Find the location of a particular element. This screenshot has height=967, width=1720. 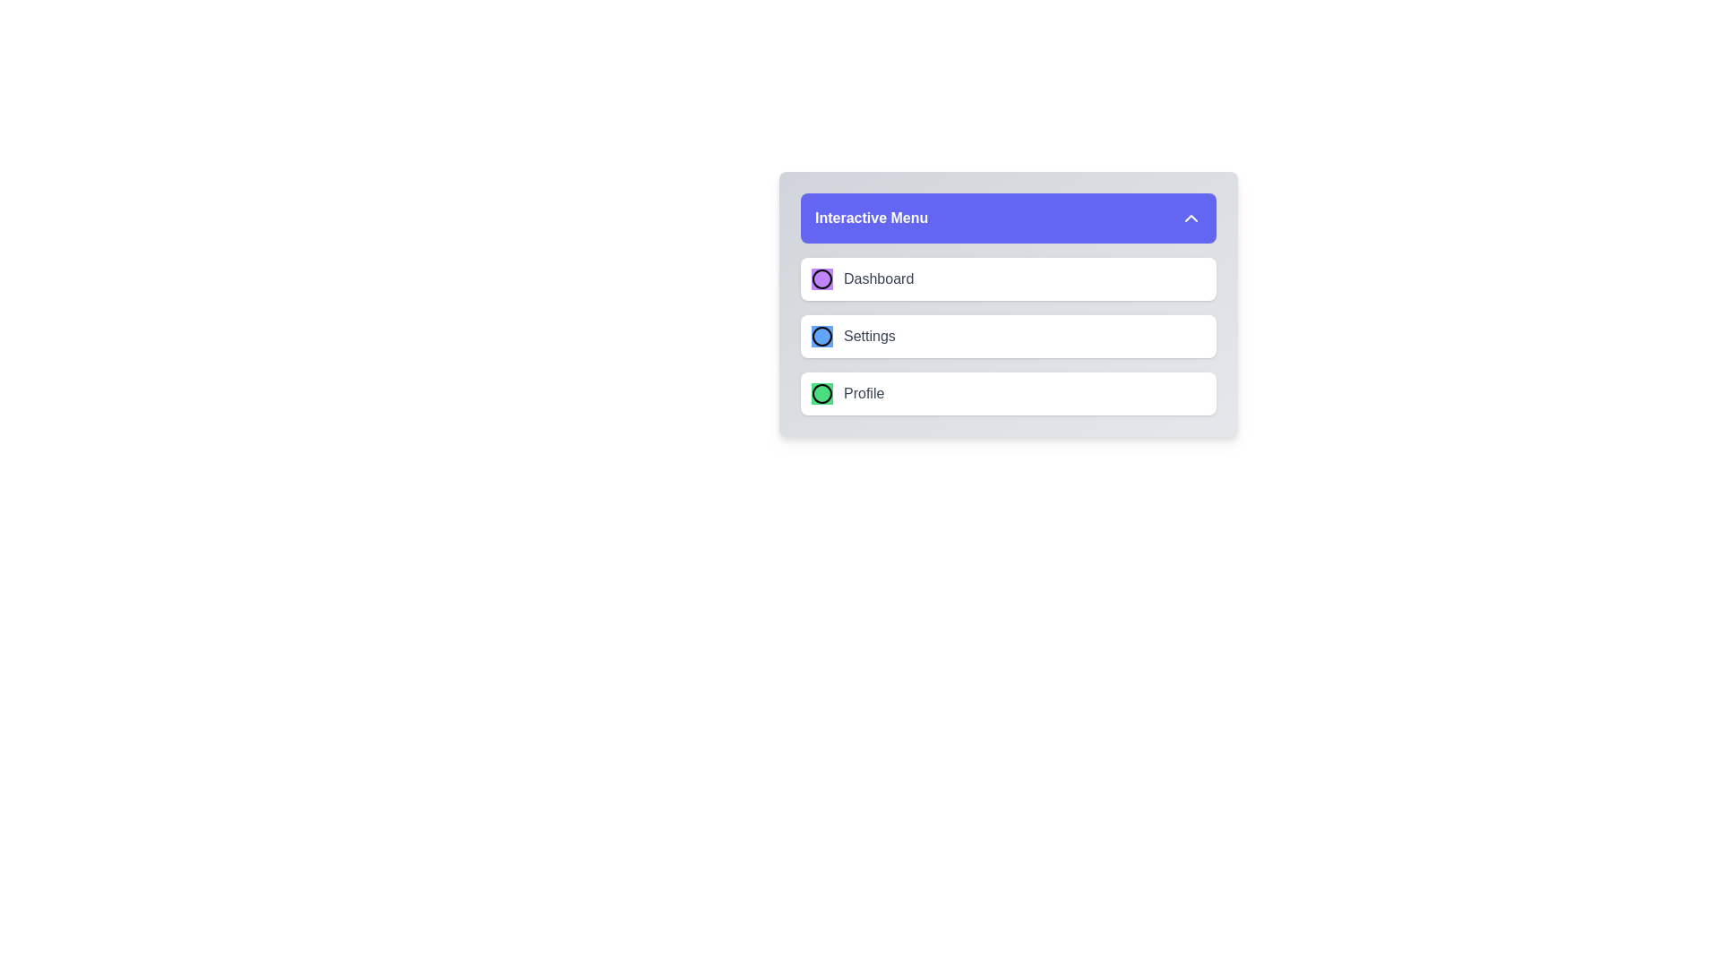

the header button to toggle the menu visibility is located at coordinates (1009, 217).